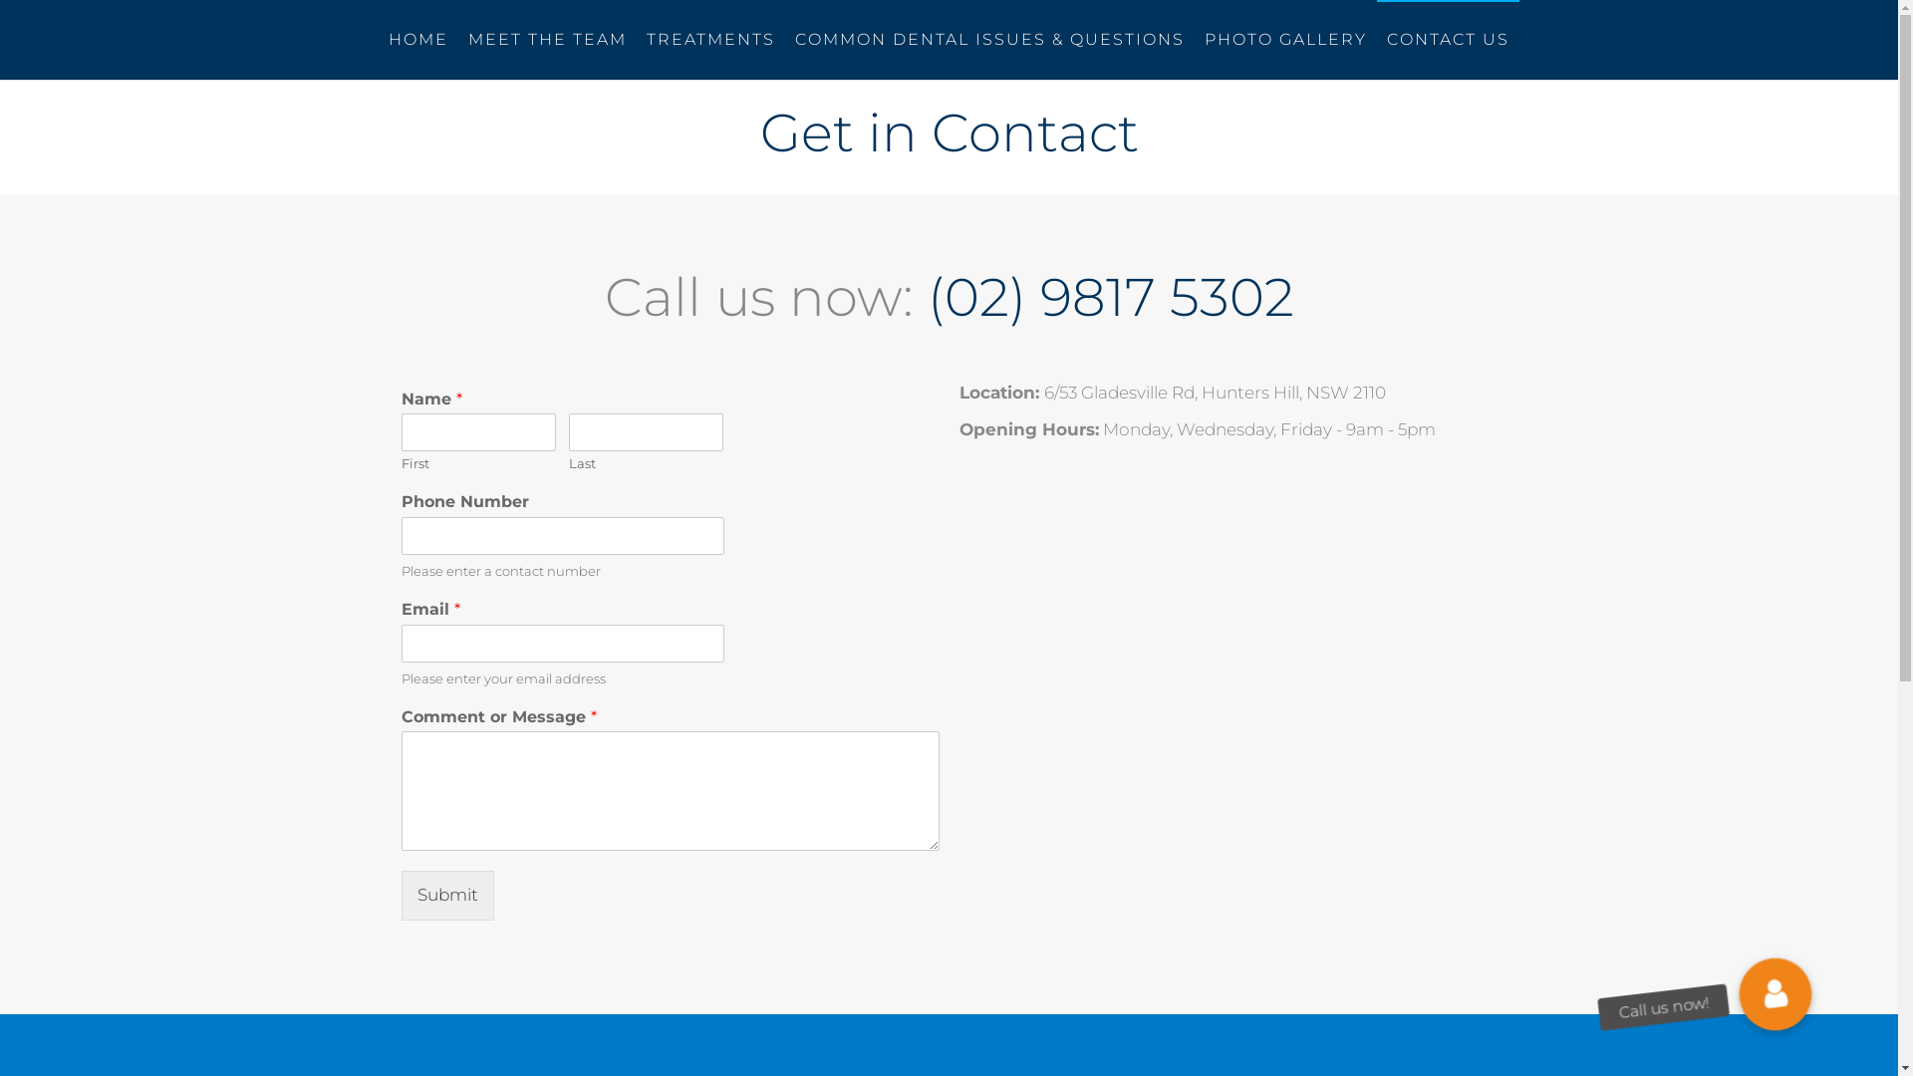 This screenshot has width=1913, height=1076. I want to click on 'Submit', so click(445, 894).